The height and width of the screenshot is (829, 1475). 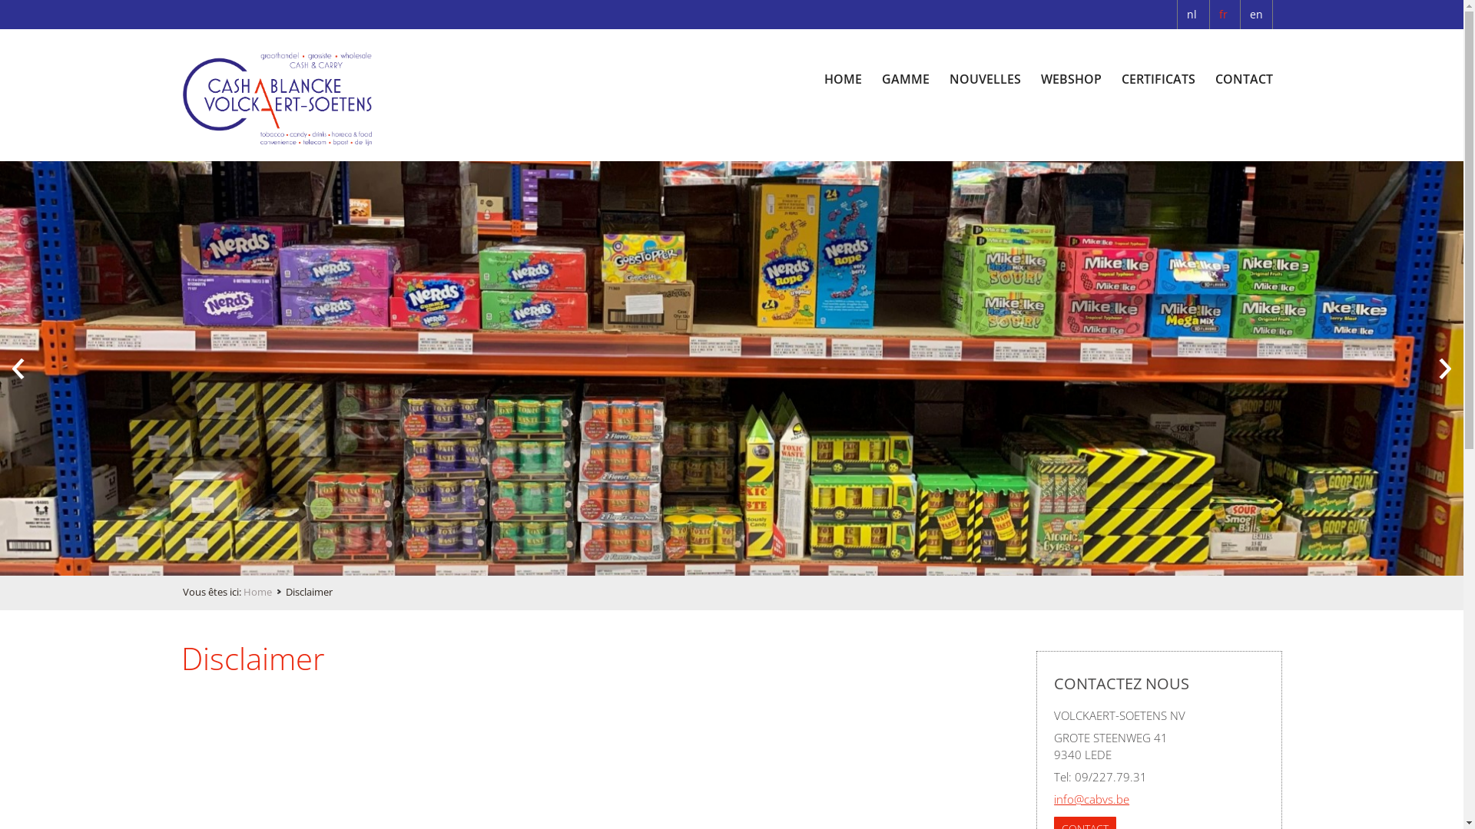 What do you see at coordinates (1256, 15) in the screenshot?
I see `'en'` at bounding box center [1256, 15].